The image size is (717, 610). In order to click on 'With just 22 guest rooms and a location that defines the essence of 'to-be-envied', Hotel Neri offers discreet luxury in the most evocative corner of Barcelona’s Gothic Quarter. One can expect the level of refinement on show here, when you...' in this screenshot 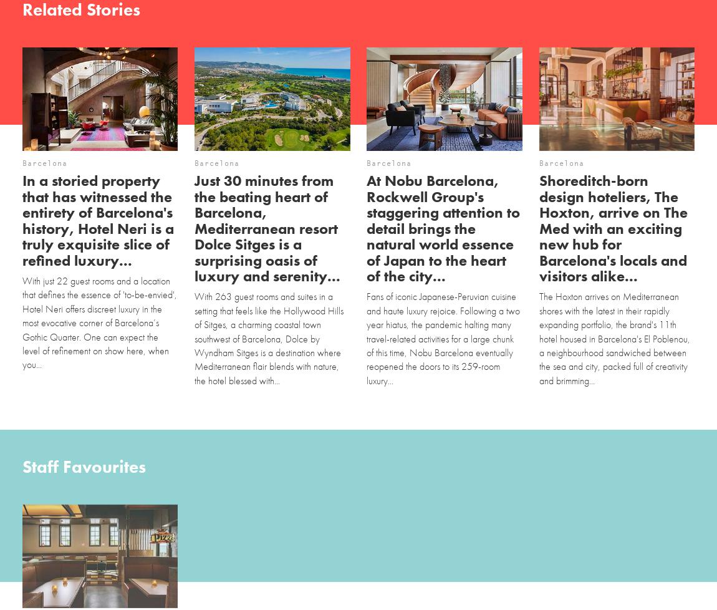, I will do `click(21, 322)`.